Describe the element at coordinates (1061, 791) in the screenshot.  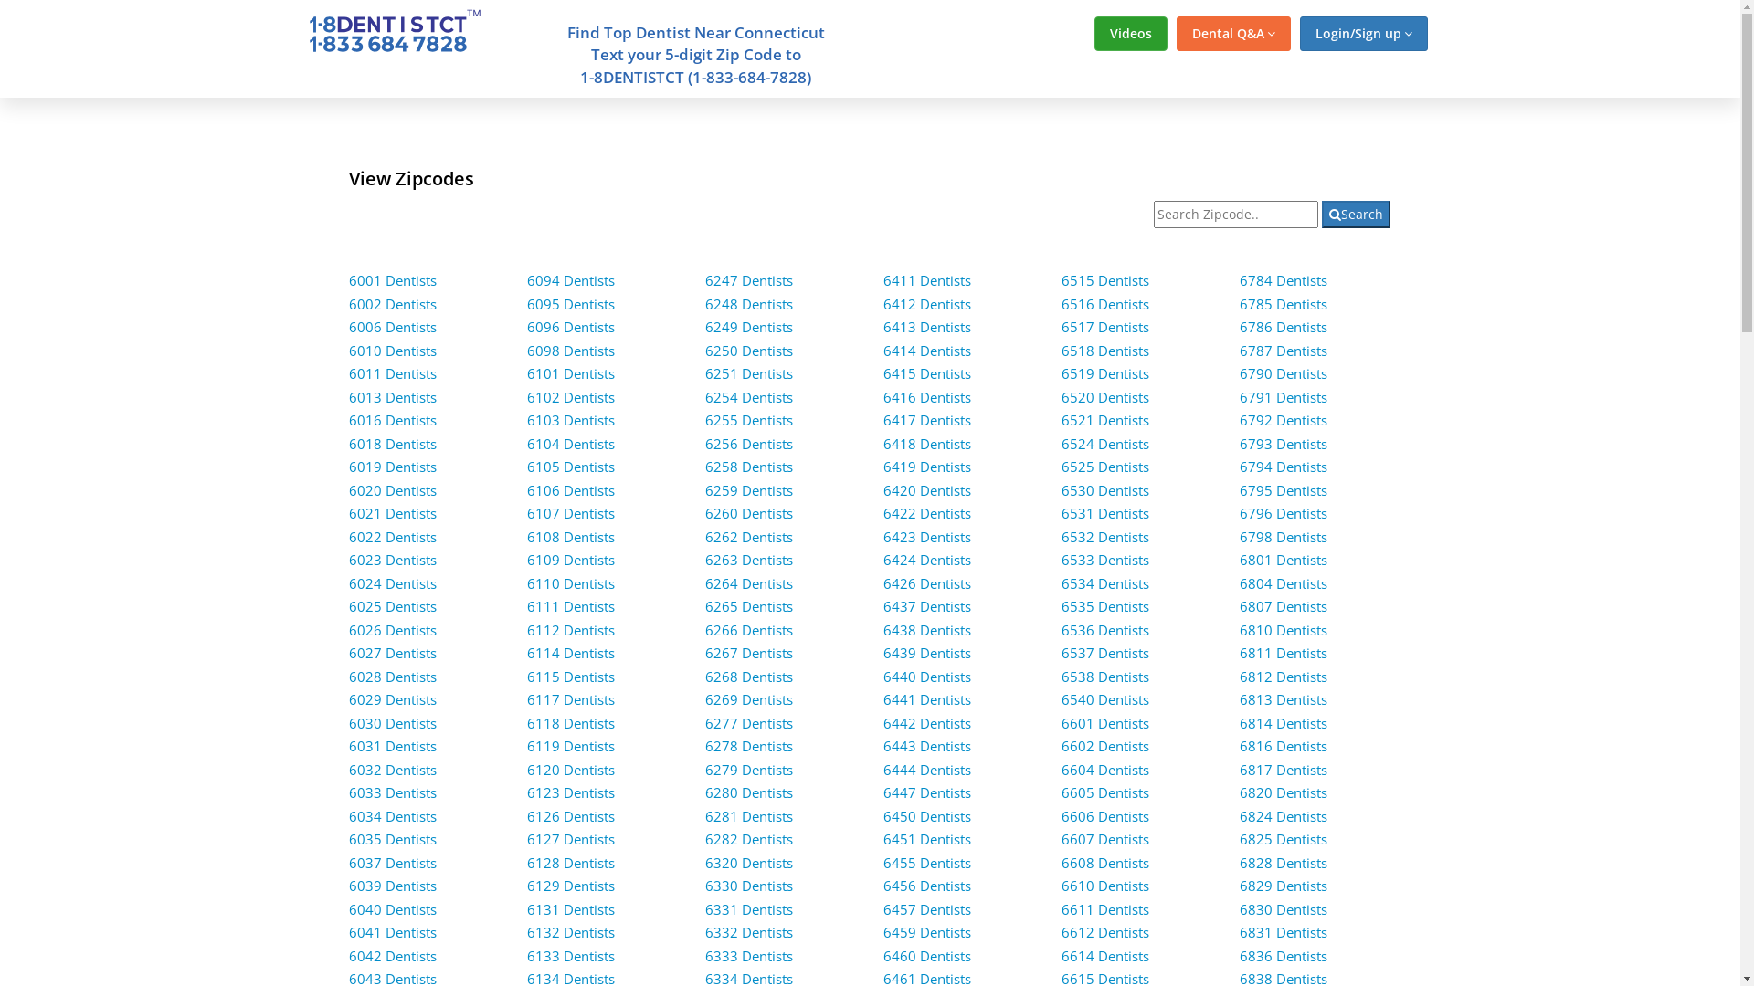
I see `'6605 Dentists'` at that location.